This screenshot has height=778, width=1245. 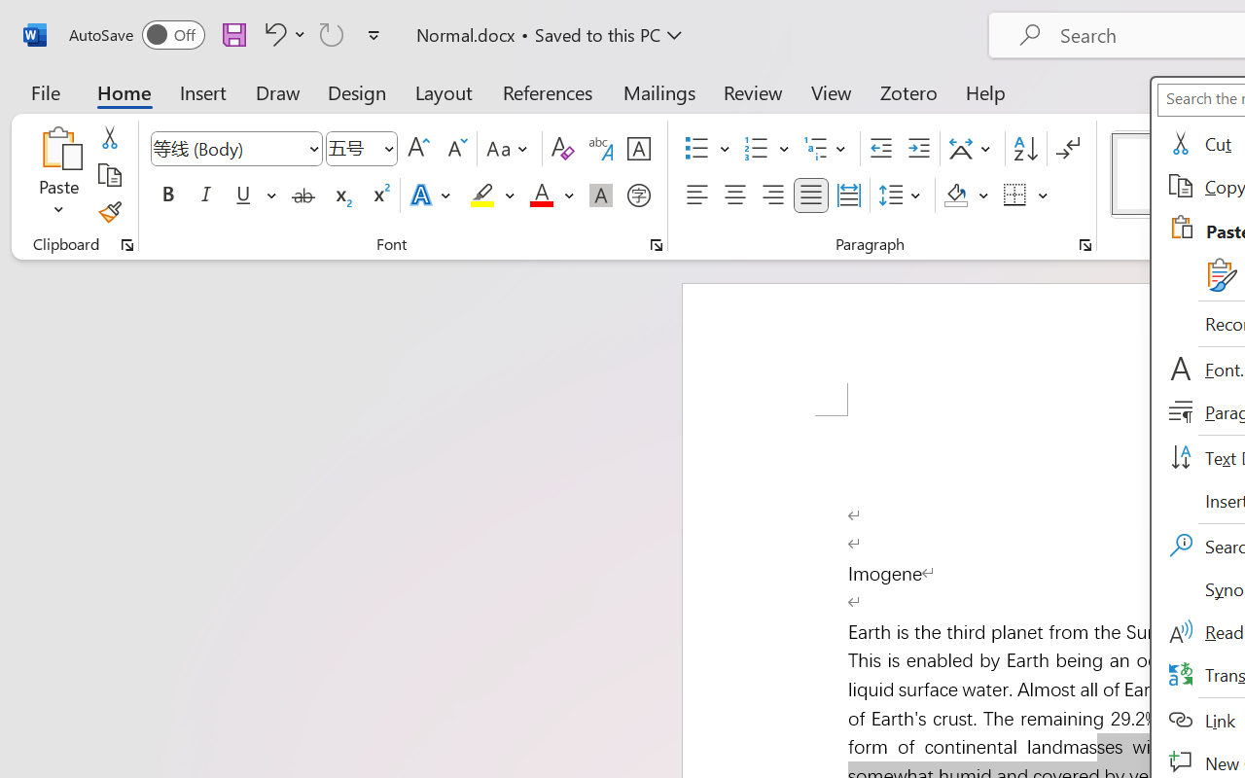 I want to click on 'Multilevel List', so click(x=827, y=149).